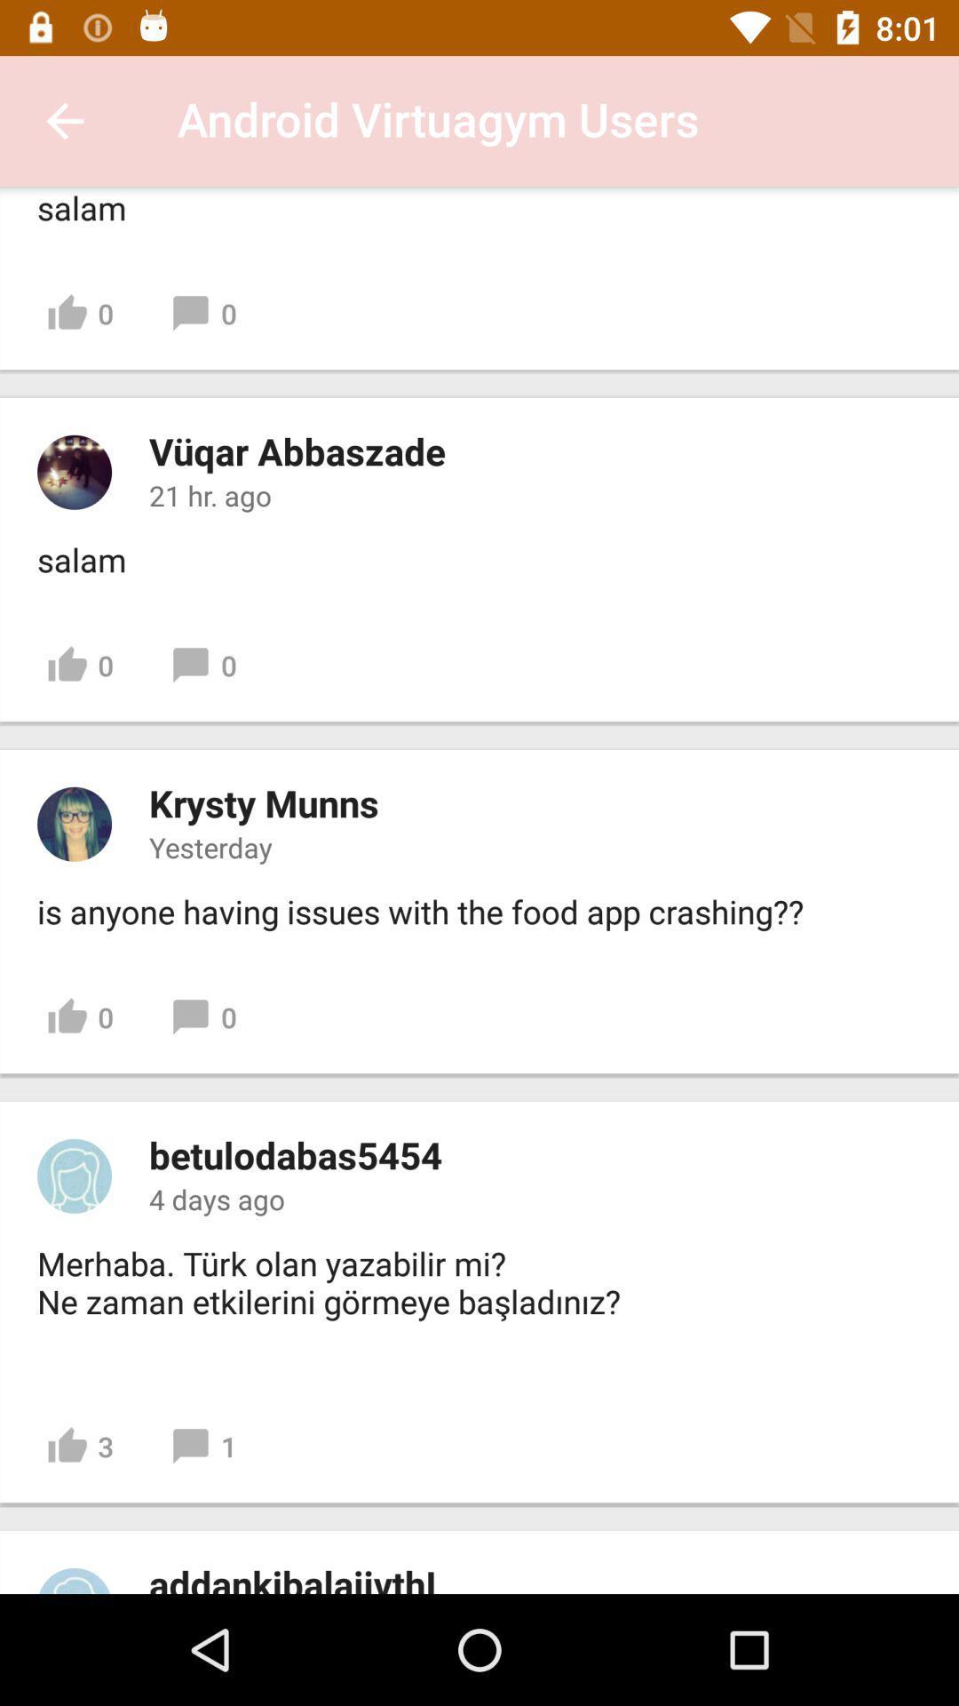 The width and height of the screenshot is (959, 1706). What do you see at coordinates (264, 801) in the screenshot?
I see `the icon above yesterday icon` at bounding box center [264, 801].